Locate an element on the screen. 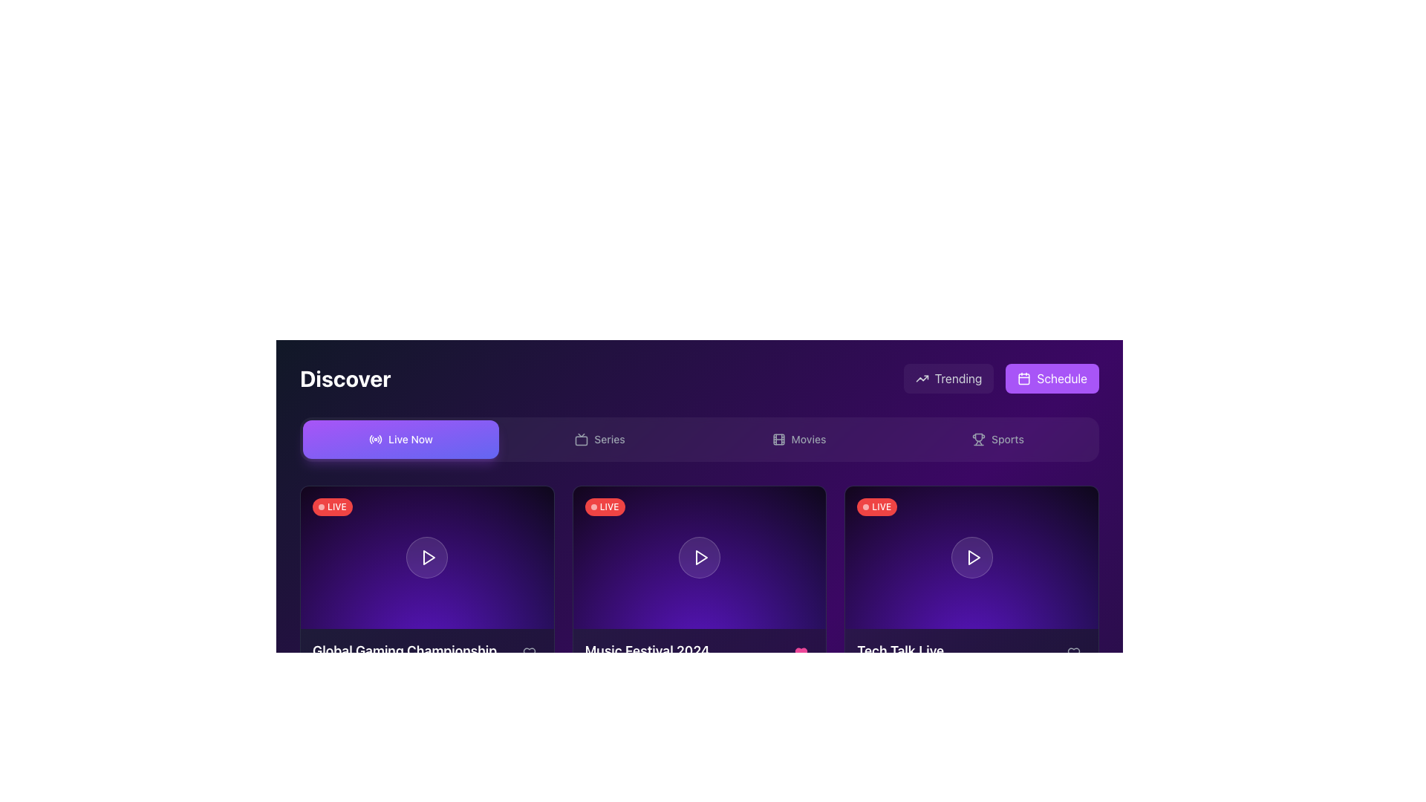 Image resolution: width=1426 pixels, height=802 pixels. the 'Trending' button, which has a rounded edge, dark theme, and a white line graph icon is located at coordinates (948, 377).